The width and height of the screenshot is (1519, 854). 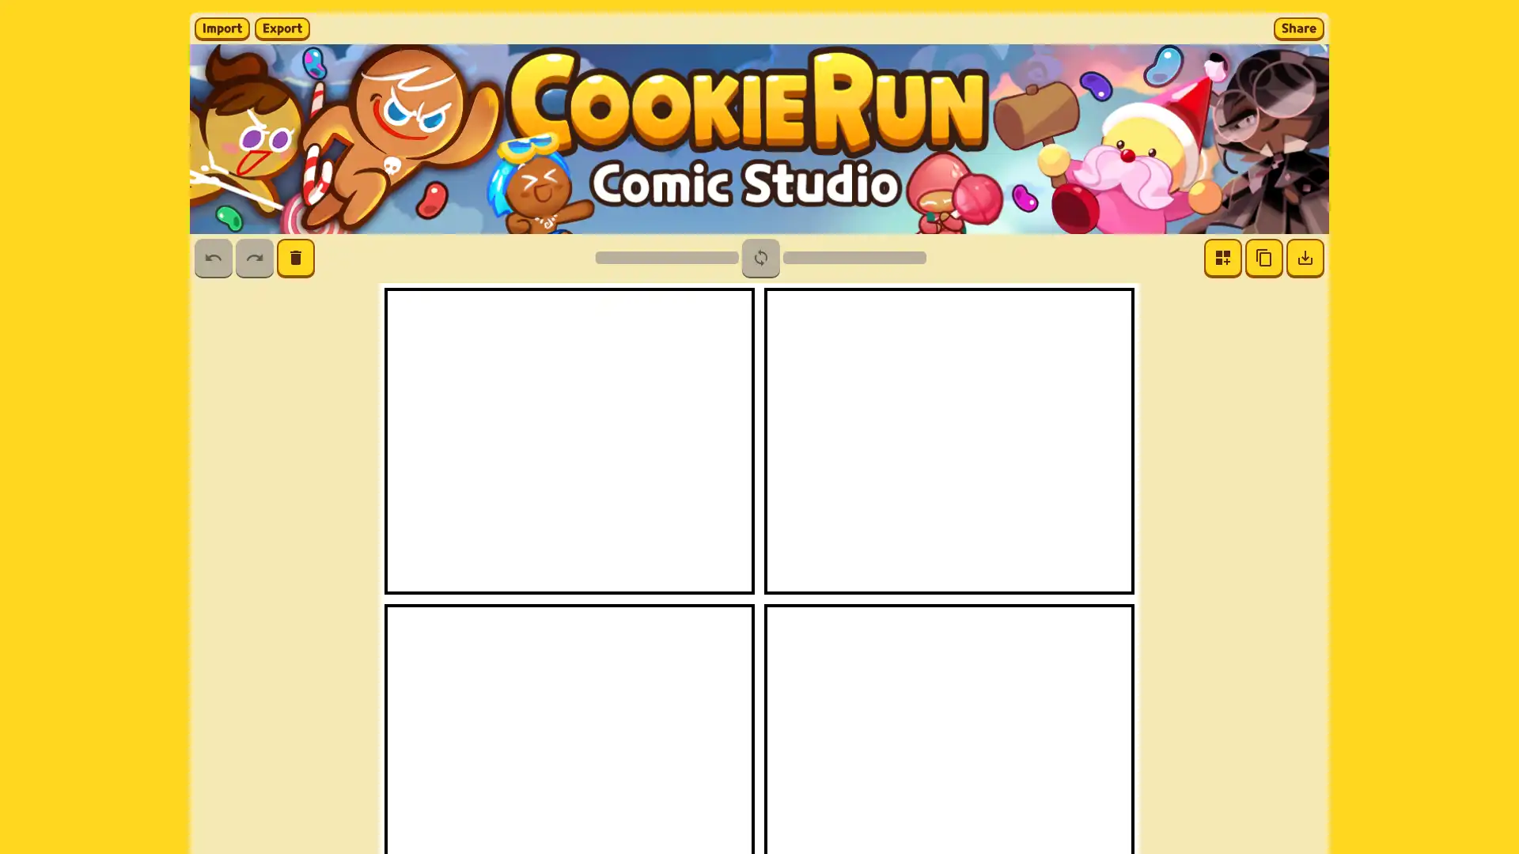 What do you see at coordinates (1305, 257) in the screenshot?
I see `save_alt` at bounding box center [1305, 257].